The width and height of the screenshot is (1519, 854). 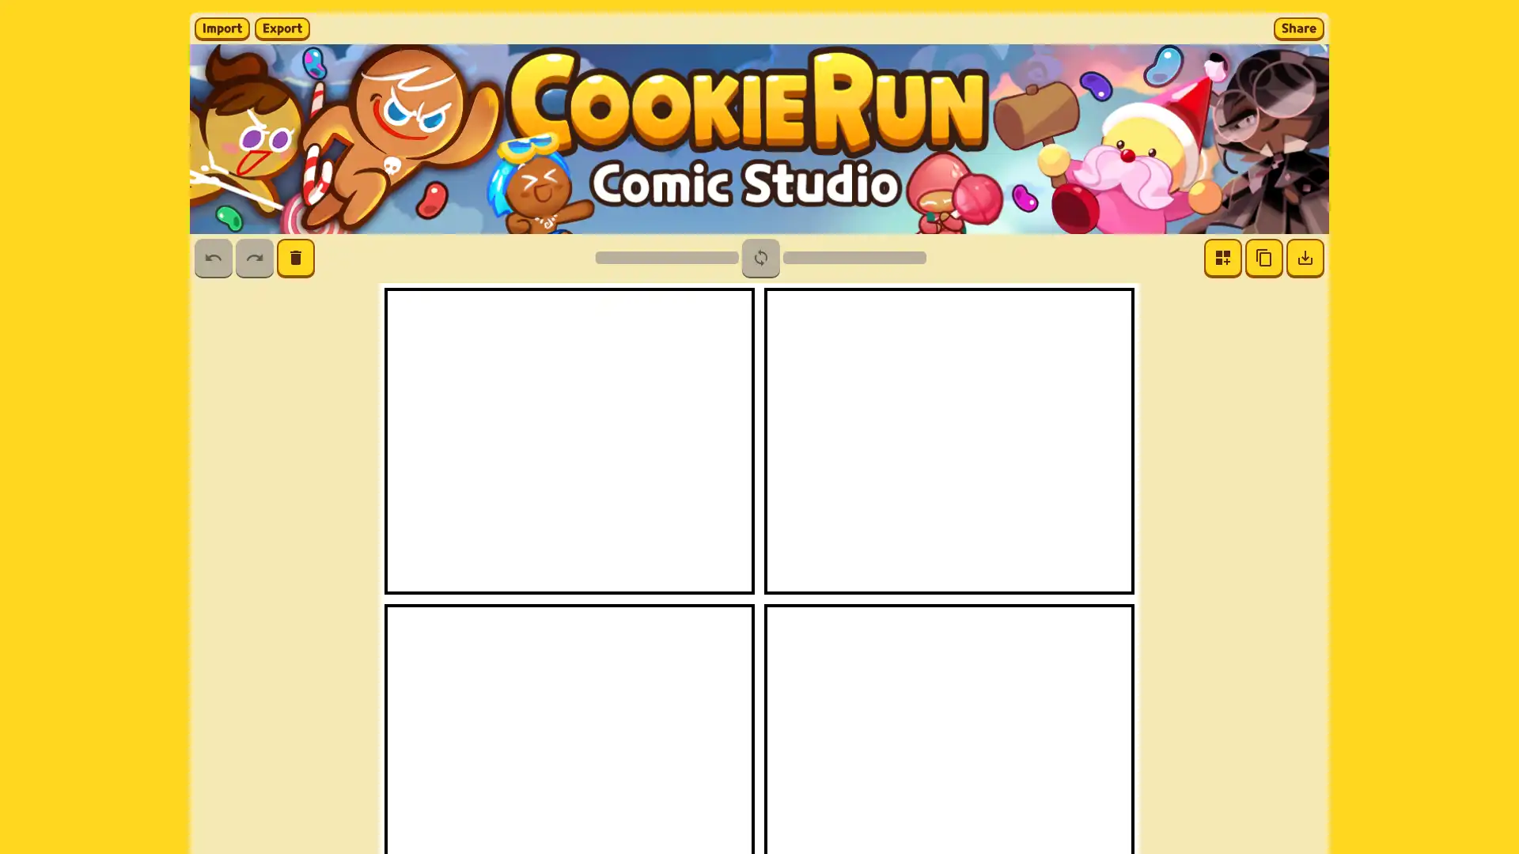 What do you see at coordinates (1305, 257) in the screenshot?
I see `save_alt` at bounding box center [1305, 257].